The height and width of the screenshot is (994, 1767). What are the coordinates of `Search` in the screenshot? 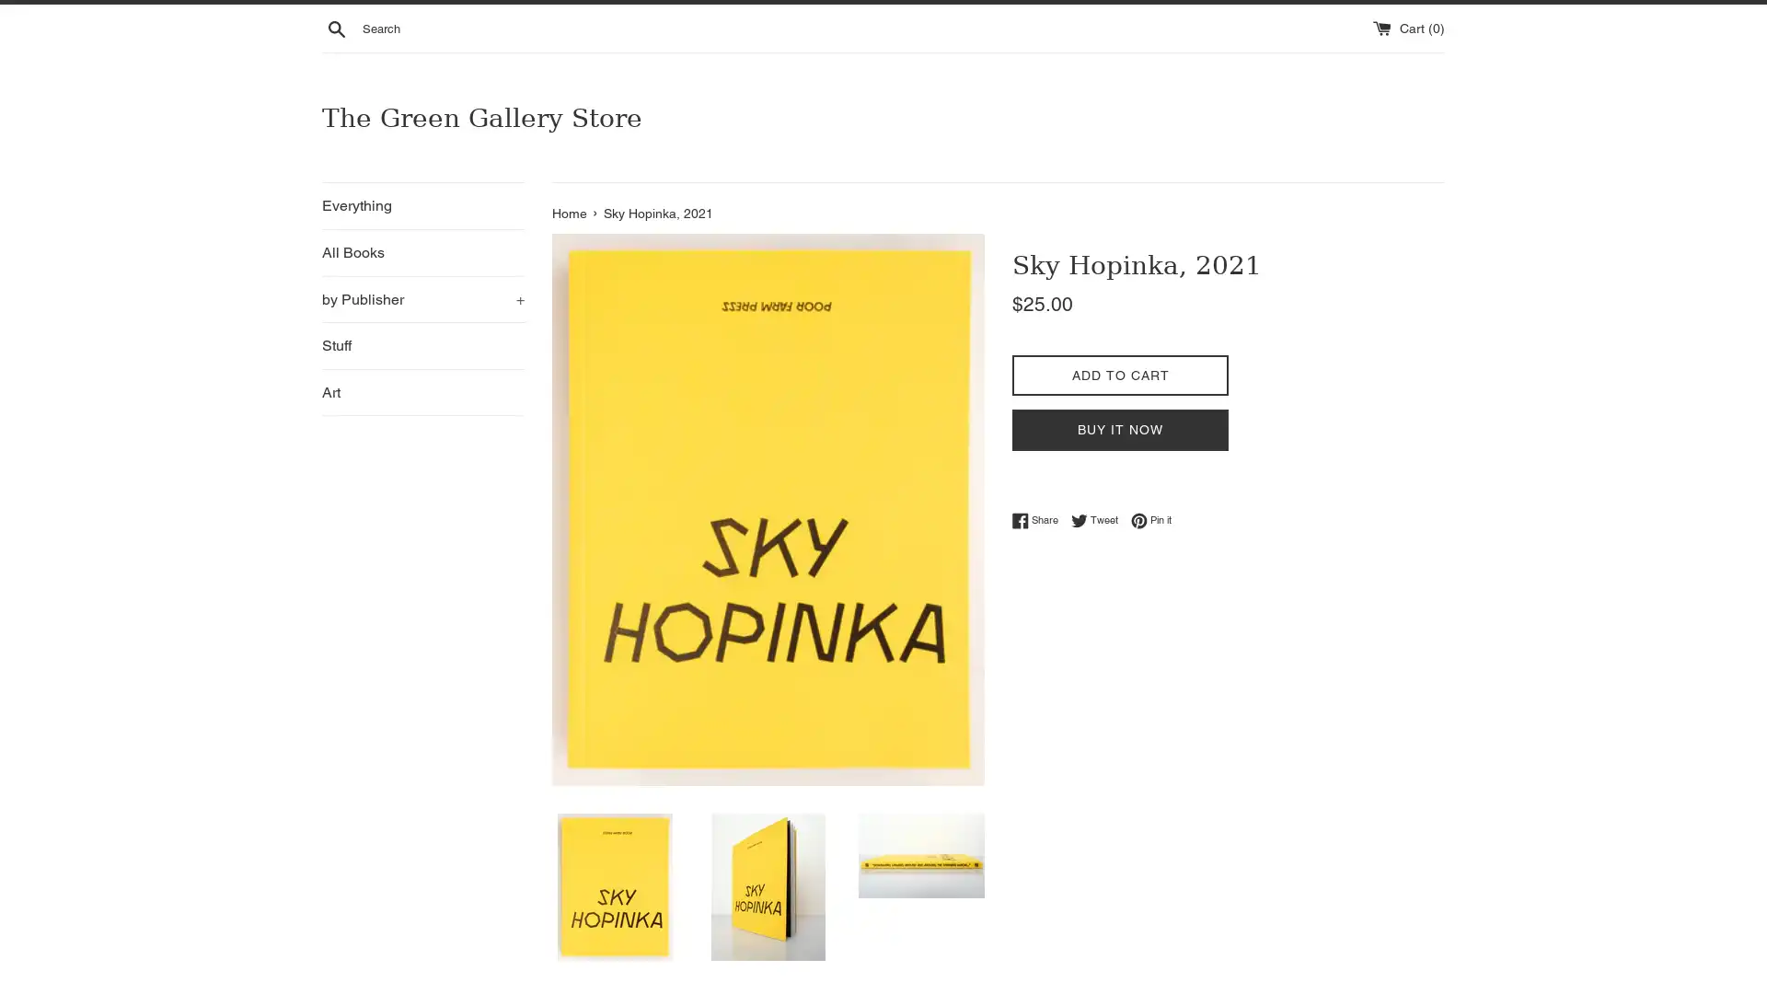 It's located at (336, 28).